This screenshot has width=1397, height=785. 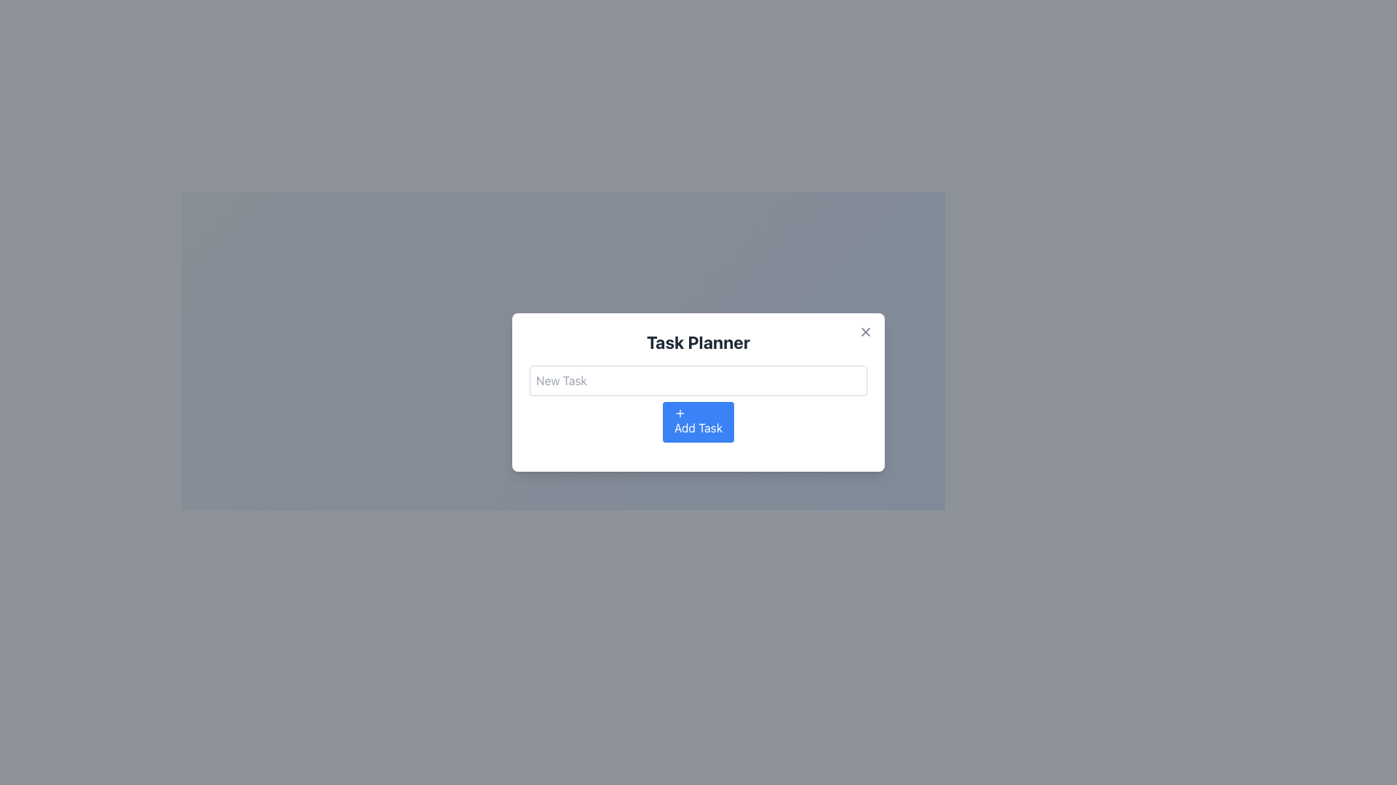 I want to click on the close button located at the top-right corner of the 'Task Planner' modal, so click(x=866, y=331).